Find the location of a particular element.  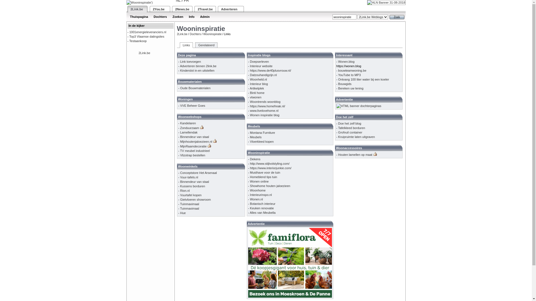

'Botanisch interieur' is located at coordinates (262, 204).